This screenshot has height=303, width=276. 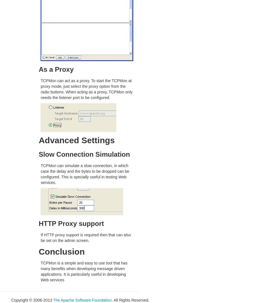 I want to click on 'Advanced Settings', so click(x=77, y=140).